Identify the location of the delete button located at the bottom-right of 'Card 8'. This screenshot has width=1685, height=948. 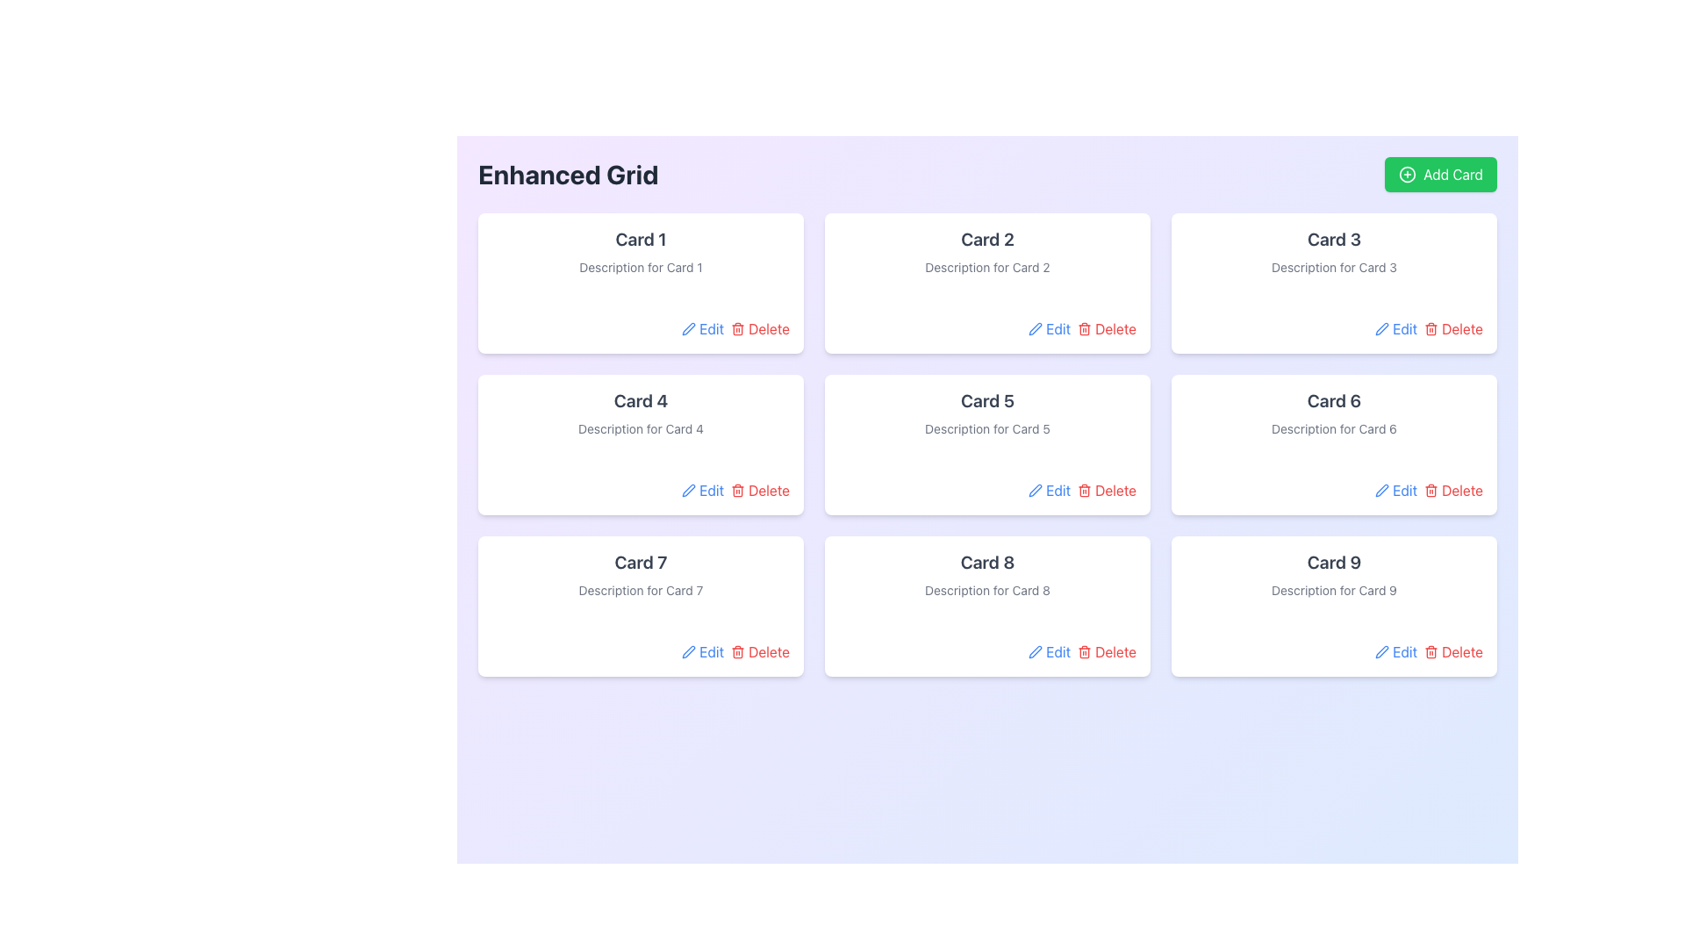
(1106, 652).